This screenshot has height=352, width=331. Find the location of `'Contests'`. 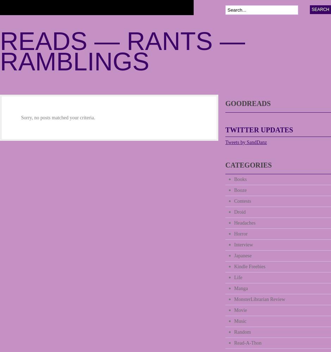

'Contests' is located at coordinates (242, 201).